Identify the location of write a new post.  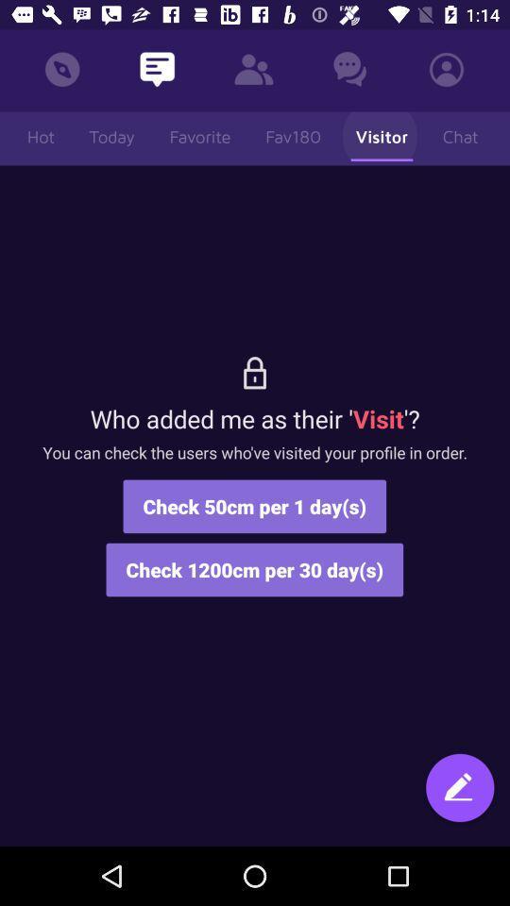
(459, 796).